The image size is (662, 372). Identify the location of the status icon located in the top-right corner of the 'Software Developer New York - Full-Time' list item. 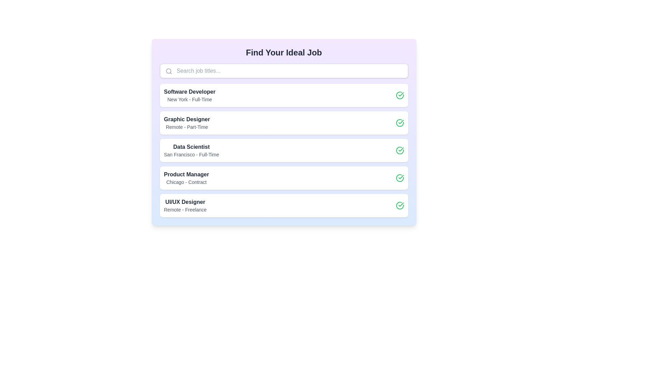
(400, 95).